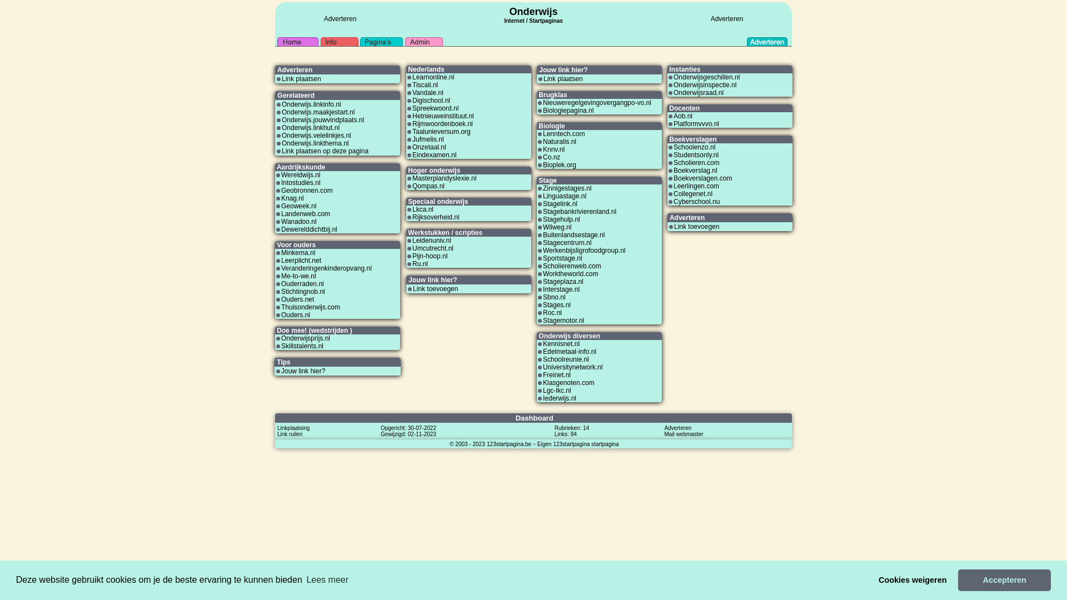 The width and height of the screenshot is (1067, 600). I want to click on 'Mail webmaster', so click(683, 433).